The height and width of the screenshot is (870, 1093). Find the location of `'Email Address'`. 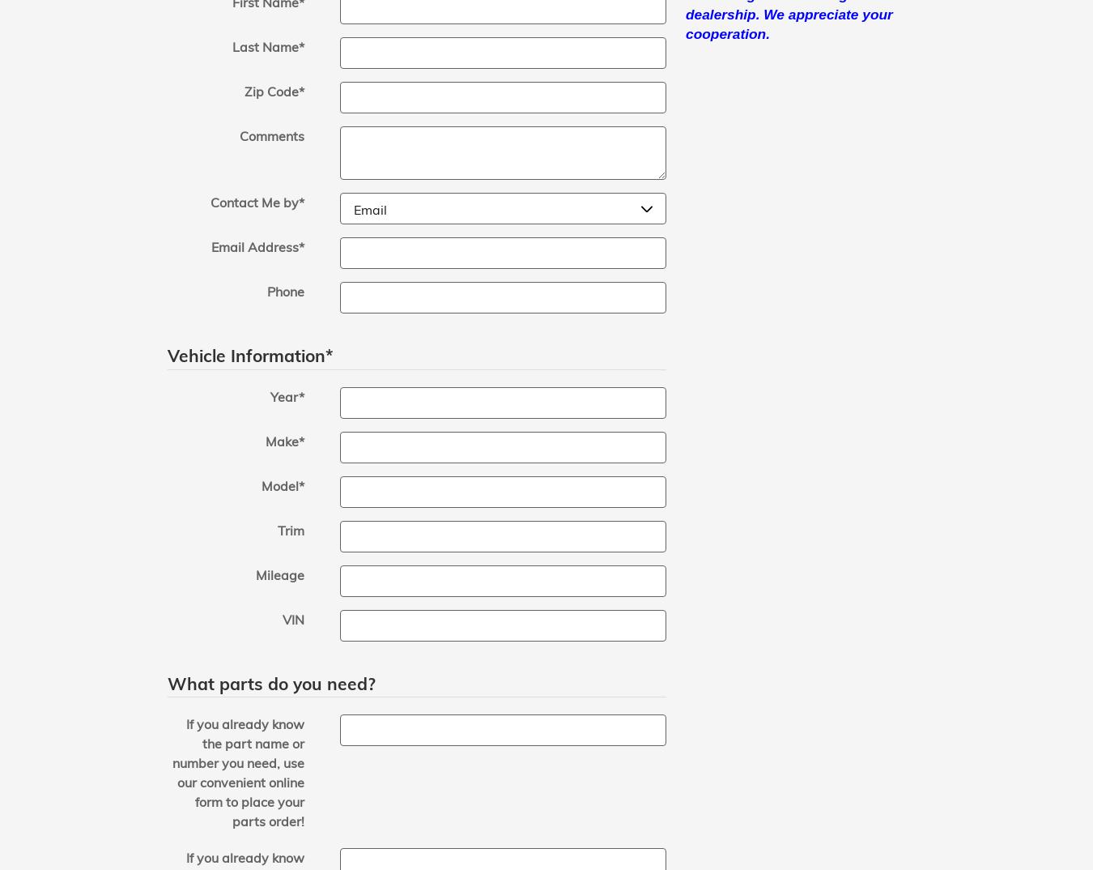

'Email Address' is located at coordinates (253, 247).